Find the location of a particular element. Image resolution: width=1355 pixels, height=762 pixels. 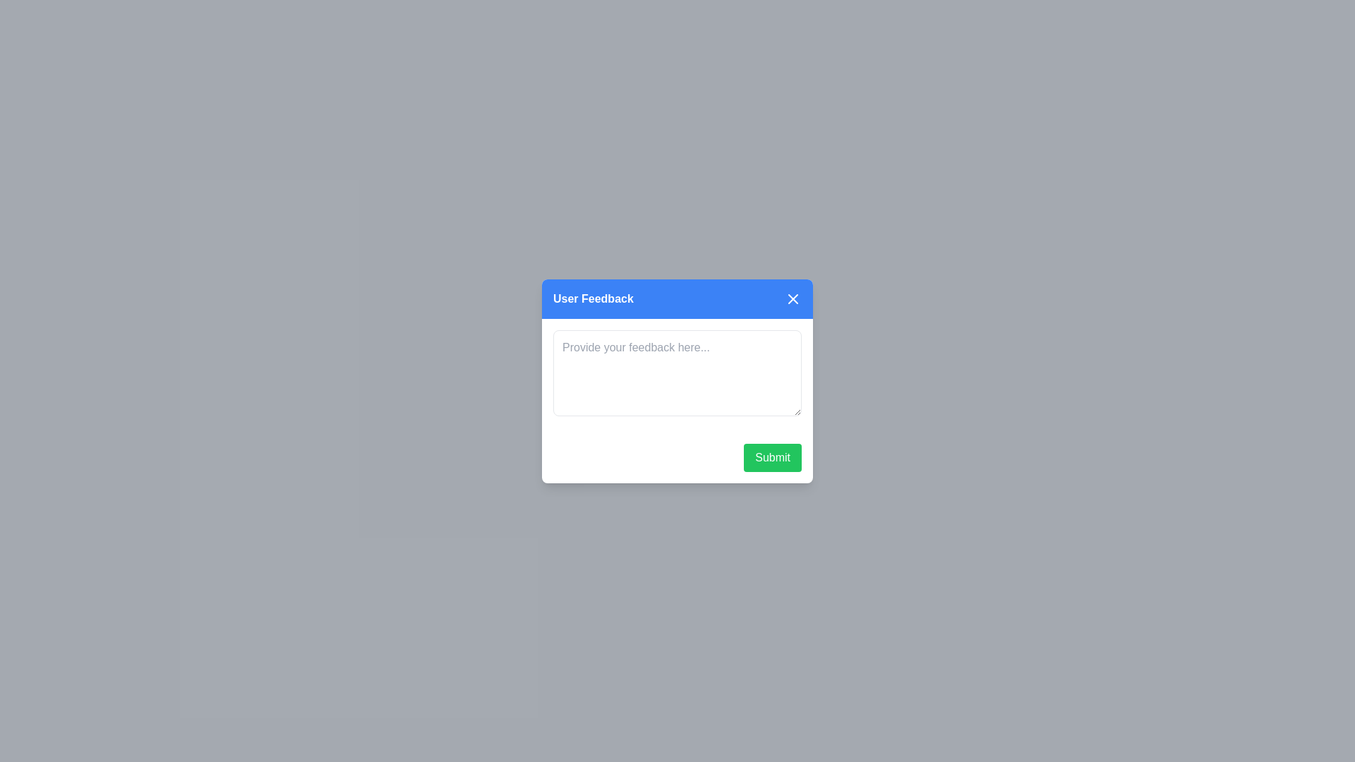

the close button (X) to close the dialog is located at coordinates (793, 298).